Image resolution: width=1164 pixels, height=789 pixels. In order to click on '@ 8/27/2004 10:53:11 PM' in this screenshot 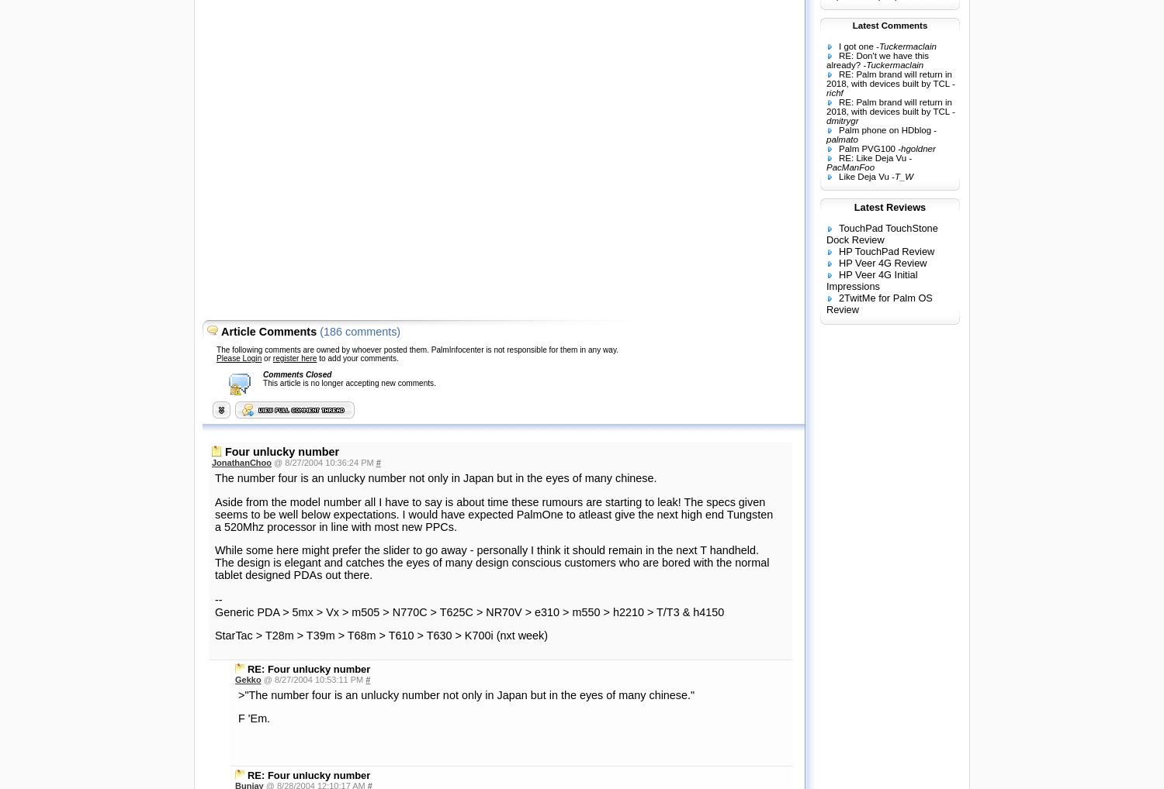, I will do `click(313, 678)`.